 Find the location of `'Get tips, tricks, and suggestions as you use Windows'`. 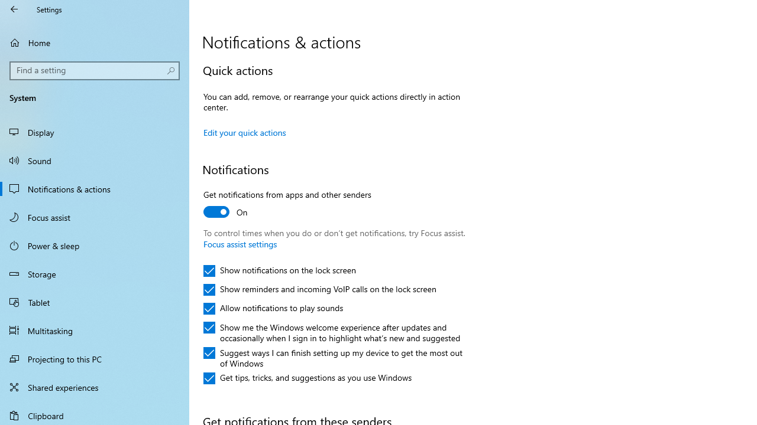

'Get tips, tricks, and suggestions as you use Windows' is located at coordinates (308, 378).